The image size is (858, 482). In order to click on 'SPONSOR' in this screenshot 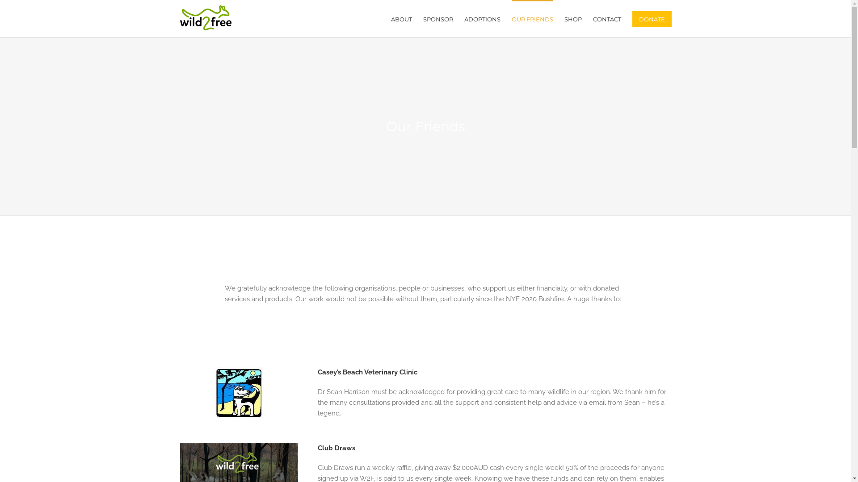, I will do `click(437, 19)`.